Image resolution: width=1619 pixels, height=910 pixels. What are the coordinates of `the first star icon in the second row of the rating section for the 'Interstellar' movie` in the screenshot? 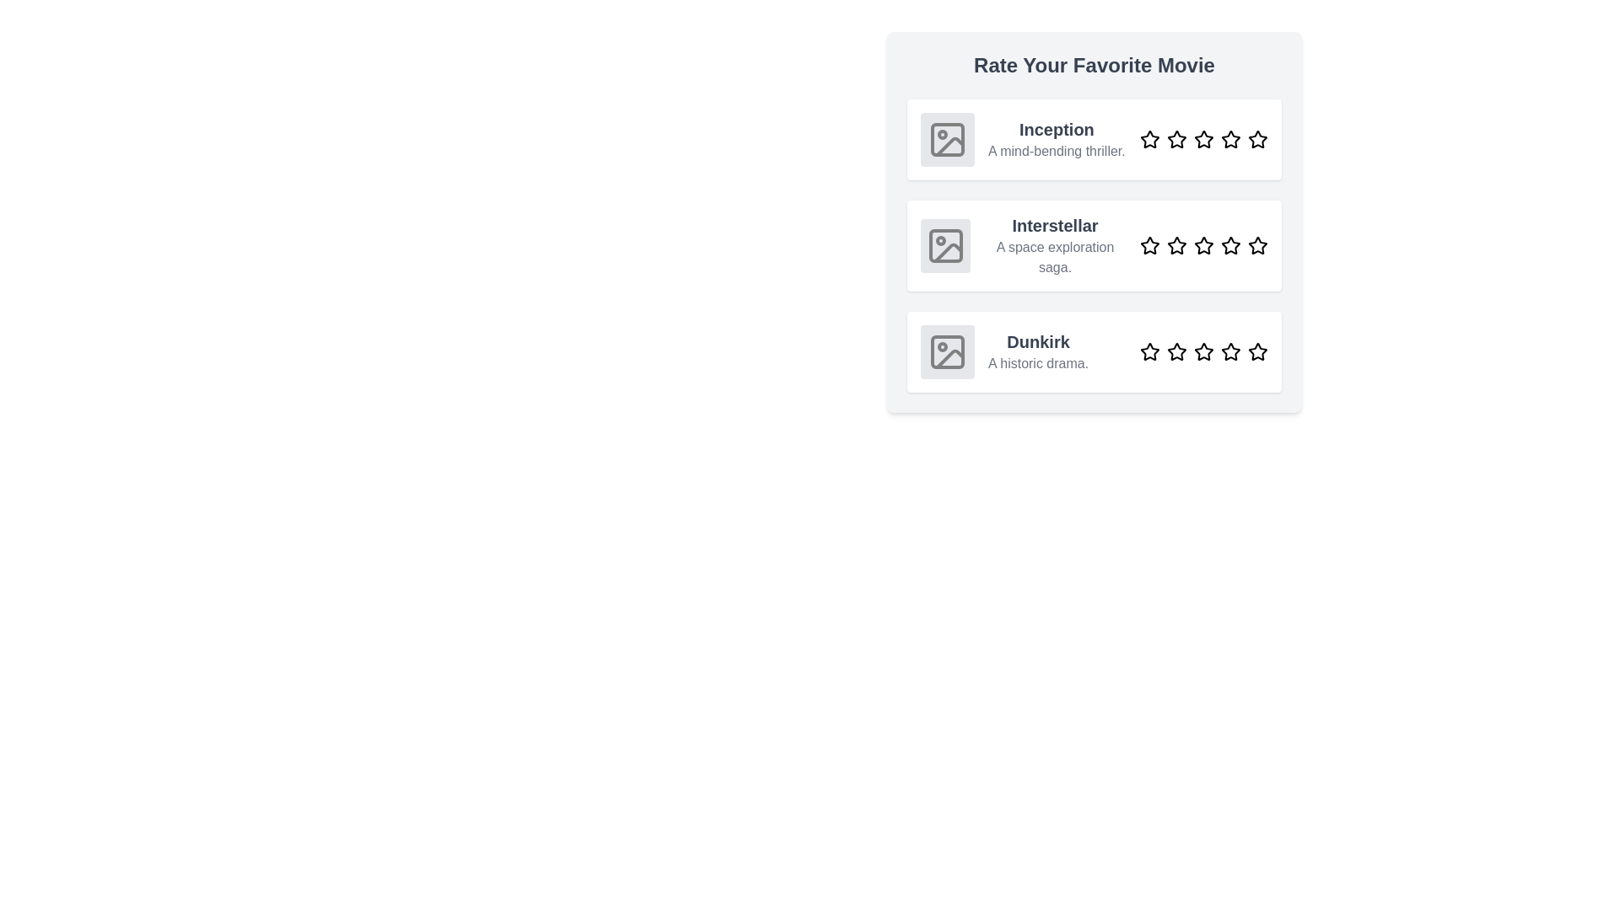 It's located at (1148, 245).